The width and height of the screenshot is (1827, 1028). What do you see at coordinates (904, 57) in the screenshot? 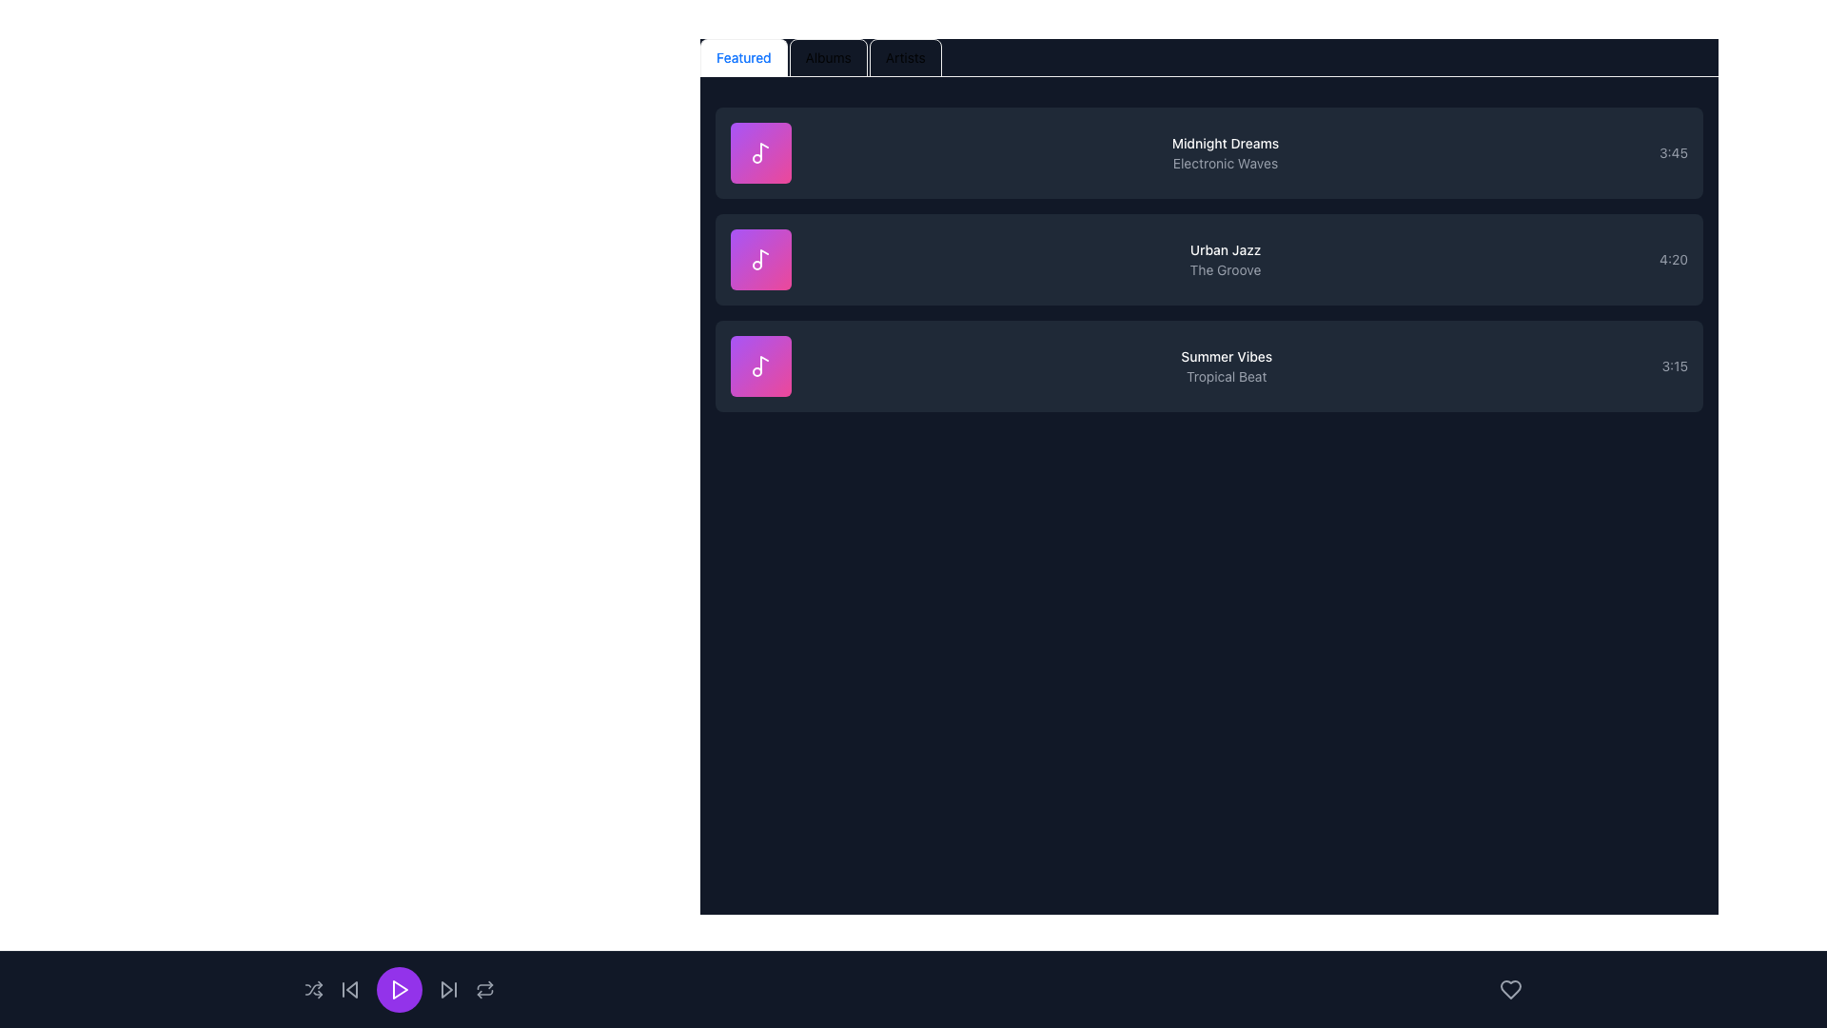
I see `the 'Artists' tab, which is the third tab from the left in the navigation bar` at bounding box center [904, 57].